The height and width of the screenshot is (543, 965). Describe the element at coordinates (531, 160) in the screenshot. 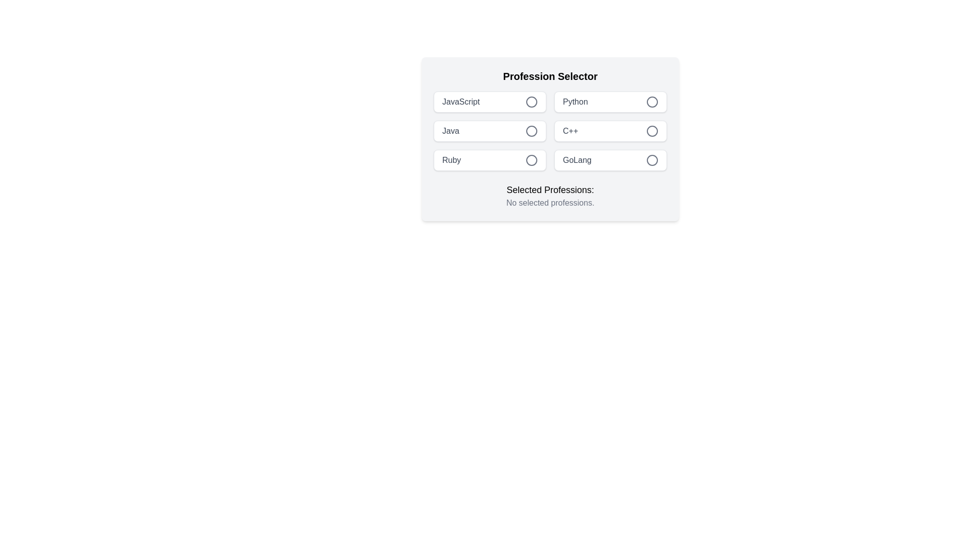

I see `the circular radio button indicator for the 'Ruby' option in the 'Profession Selector' section` at that location.